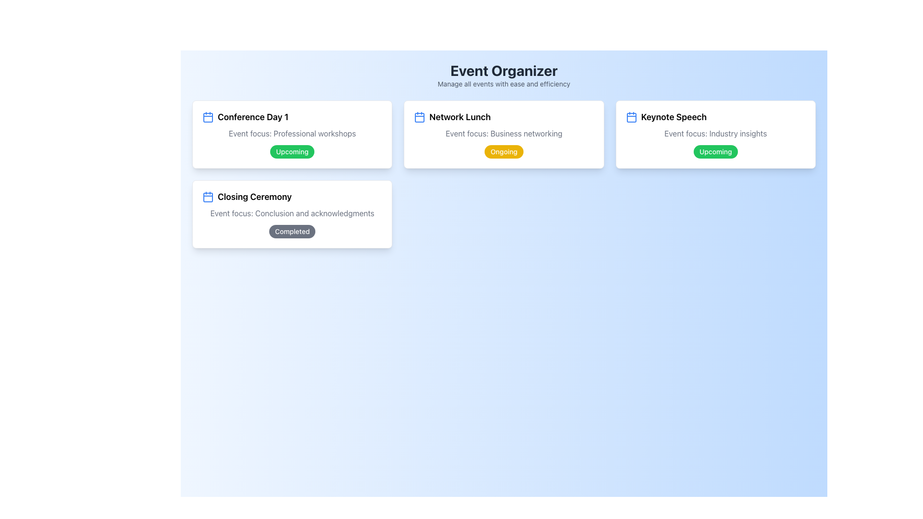 The height and width of the screenshot is (519, 923). Describe the element at coordinates (292, 232) in the screenshot. I see `the Status Indicator badge labeled 'Completed' which is located at the bottom-right of the 'Closing Ceremony' card` at that location.